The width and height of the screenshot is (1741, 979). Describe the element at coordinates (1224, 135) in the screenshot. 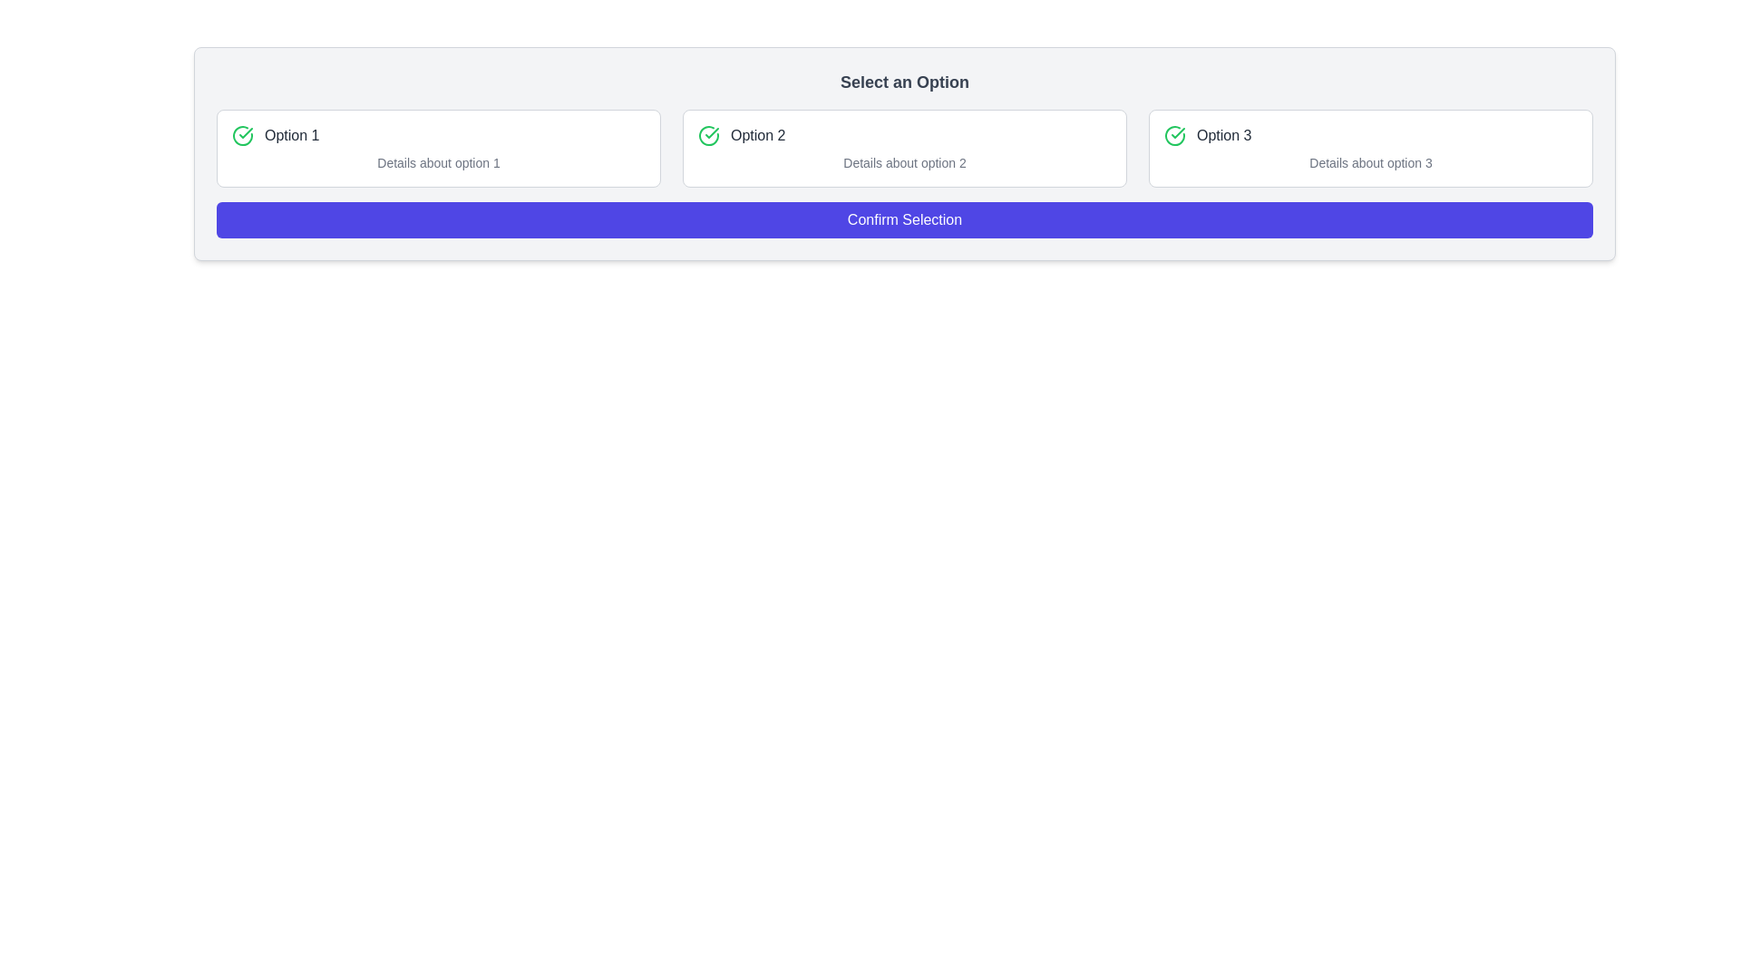

I see `the text label for the third option labeled 'Option 3' in the multi-choice selector, positioned in a horizontal row near the top center of the display area` at that location.